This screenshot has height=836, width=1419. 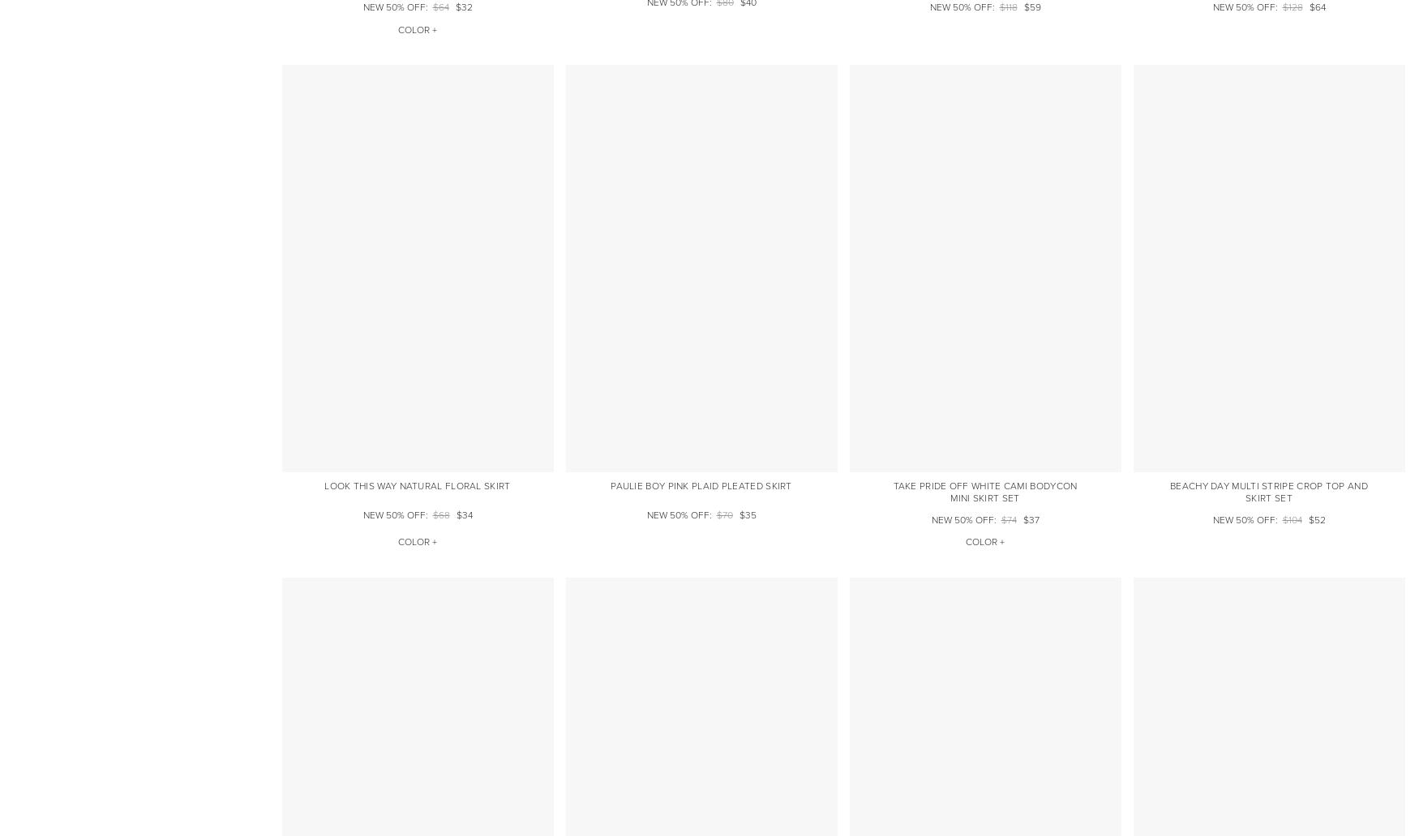 I want to click on '$35', so click(x=746, y=514).